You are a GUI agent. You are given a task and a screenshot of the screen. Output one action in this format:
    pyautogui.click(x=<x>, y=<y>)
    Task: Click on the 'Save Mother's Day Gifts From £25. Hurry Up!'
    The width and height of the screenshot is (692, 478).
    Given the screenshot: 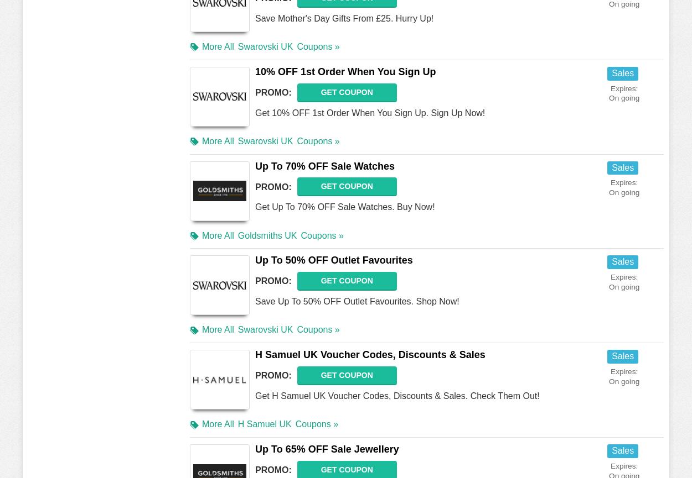 What is the action you would take?
    pyautogui.click(x=344, y=18)
    